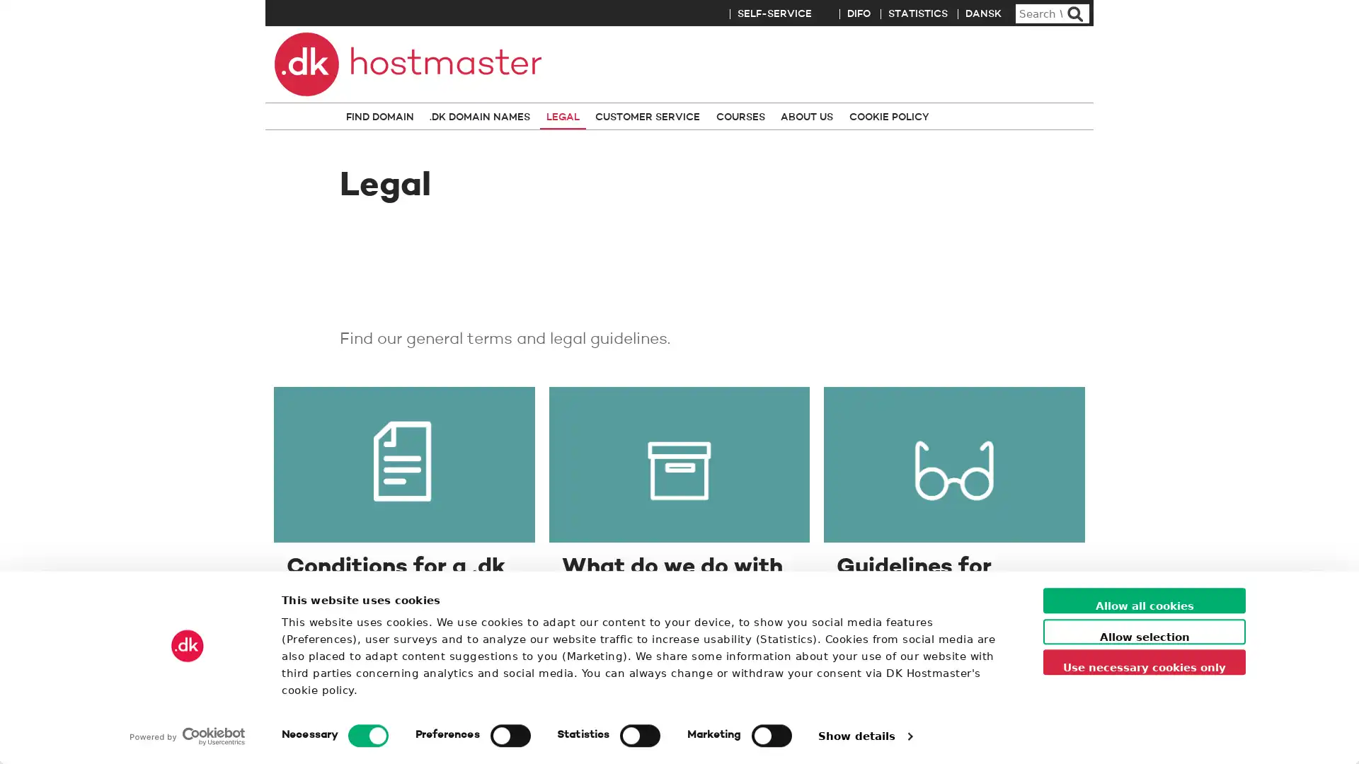  Describe the element at coordinates (1145, 662) in the screenshot. I see `Use necessary cookies only` at that location.